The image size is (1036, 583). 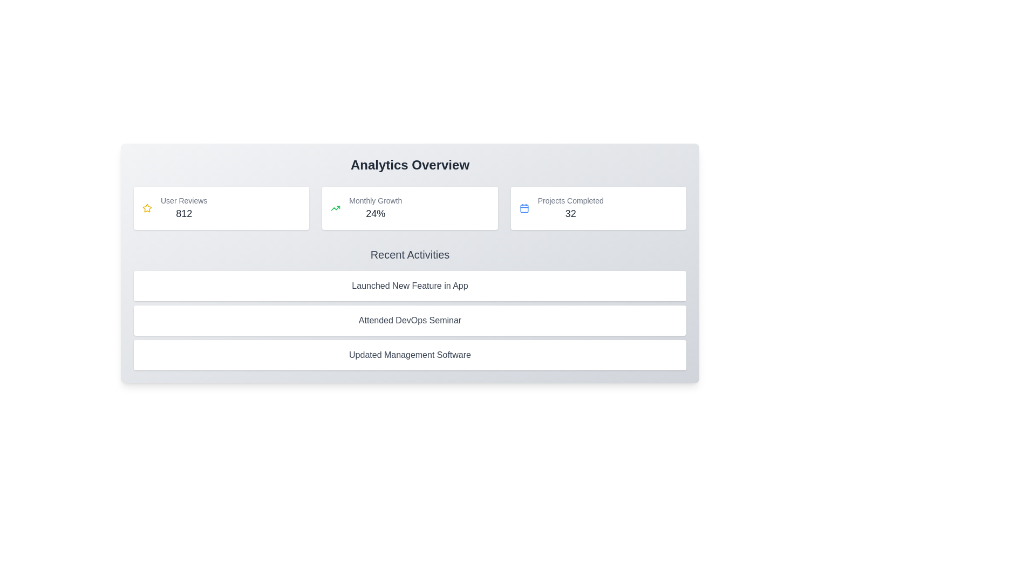 I want to click on the static text display that shows 'Updated Management Software', which is the last item in the 'Recent Activities' list, so click(x=409, y=355).